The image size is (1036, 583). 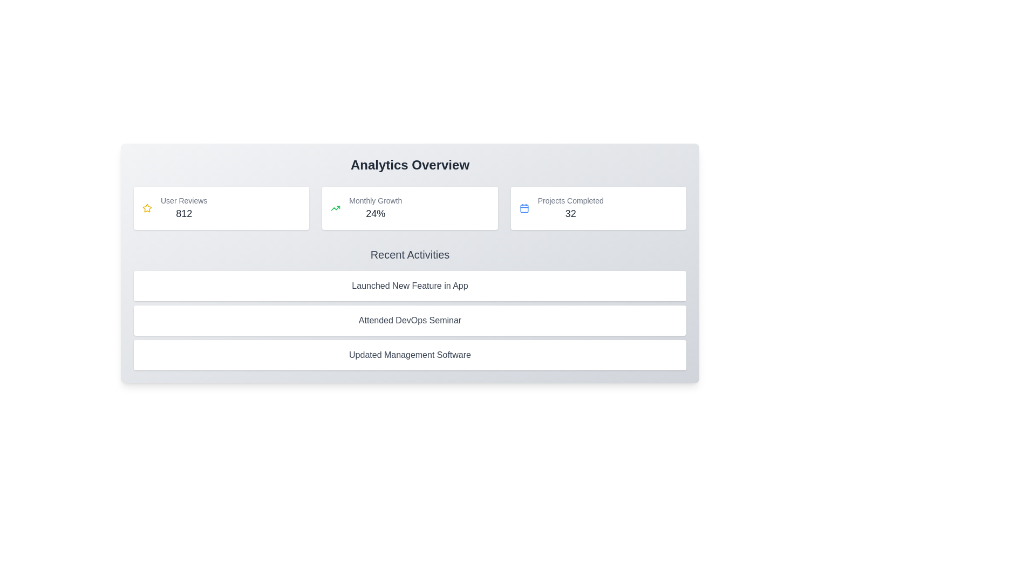 I want to click on the static text display that shows 'Updated Management Software', which is the last item in the 'Recent Activities' list, so click(x=409, y=355).